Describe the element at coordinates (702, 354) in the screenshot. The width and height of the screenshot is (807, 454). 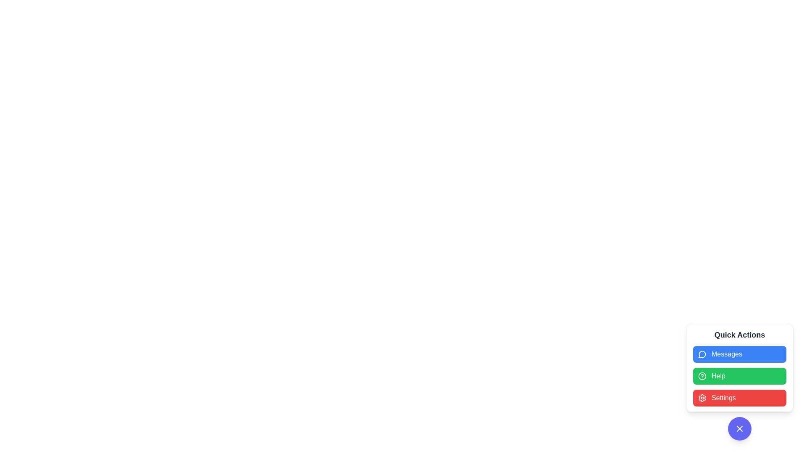
I see `the graphical icon representing the 'Messages' button, which is the first button in the stacked list of three buttons under 'Quick Actions.'` at that location.